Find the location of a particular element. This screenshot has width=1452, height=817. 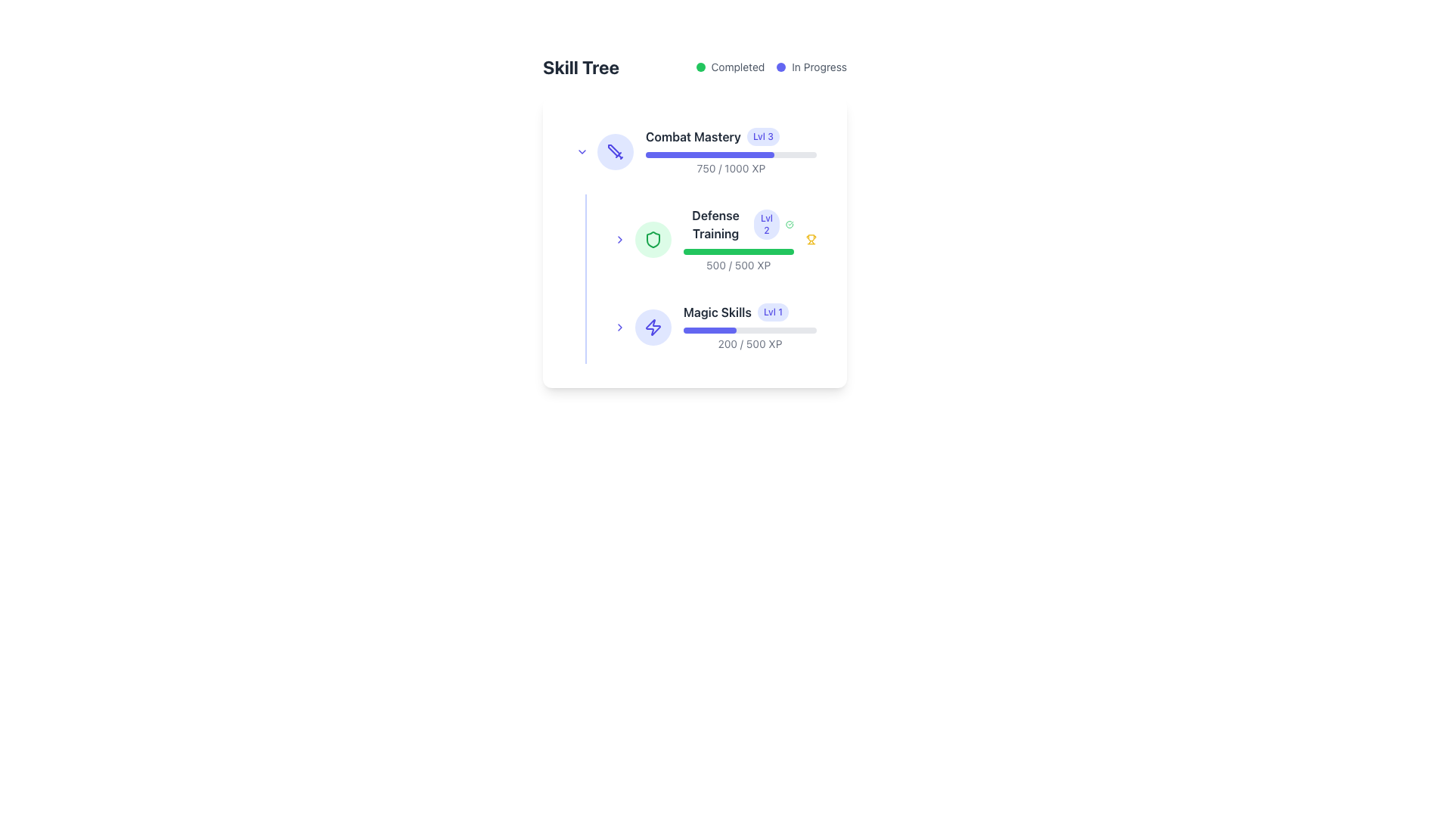

text associated with the Badge indicating the level of 'Combat Mastery', located to the immediate right of the 'Combat Mastery' text is located at coordinates (763, 137).